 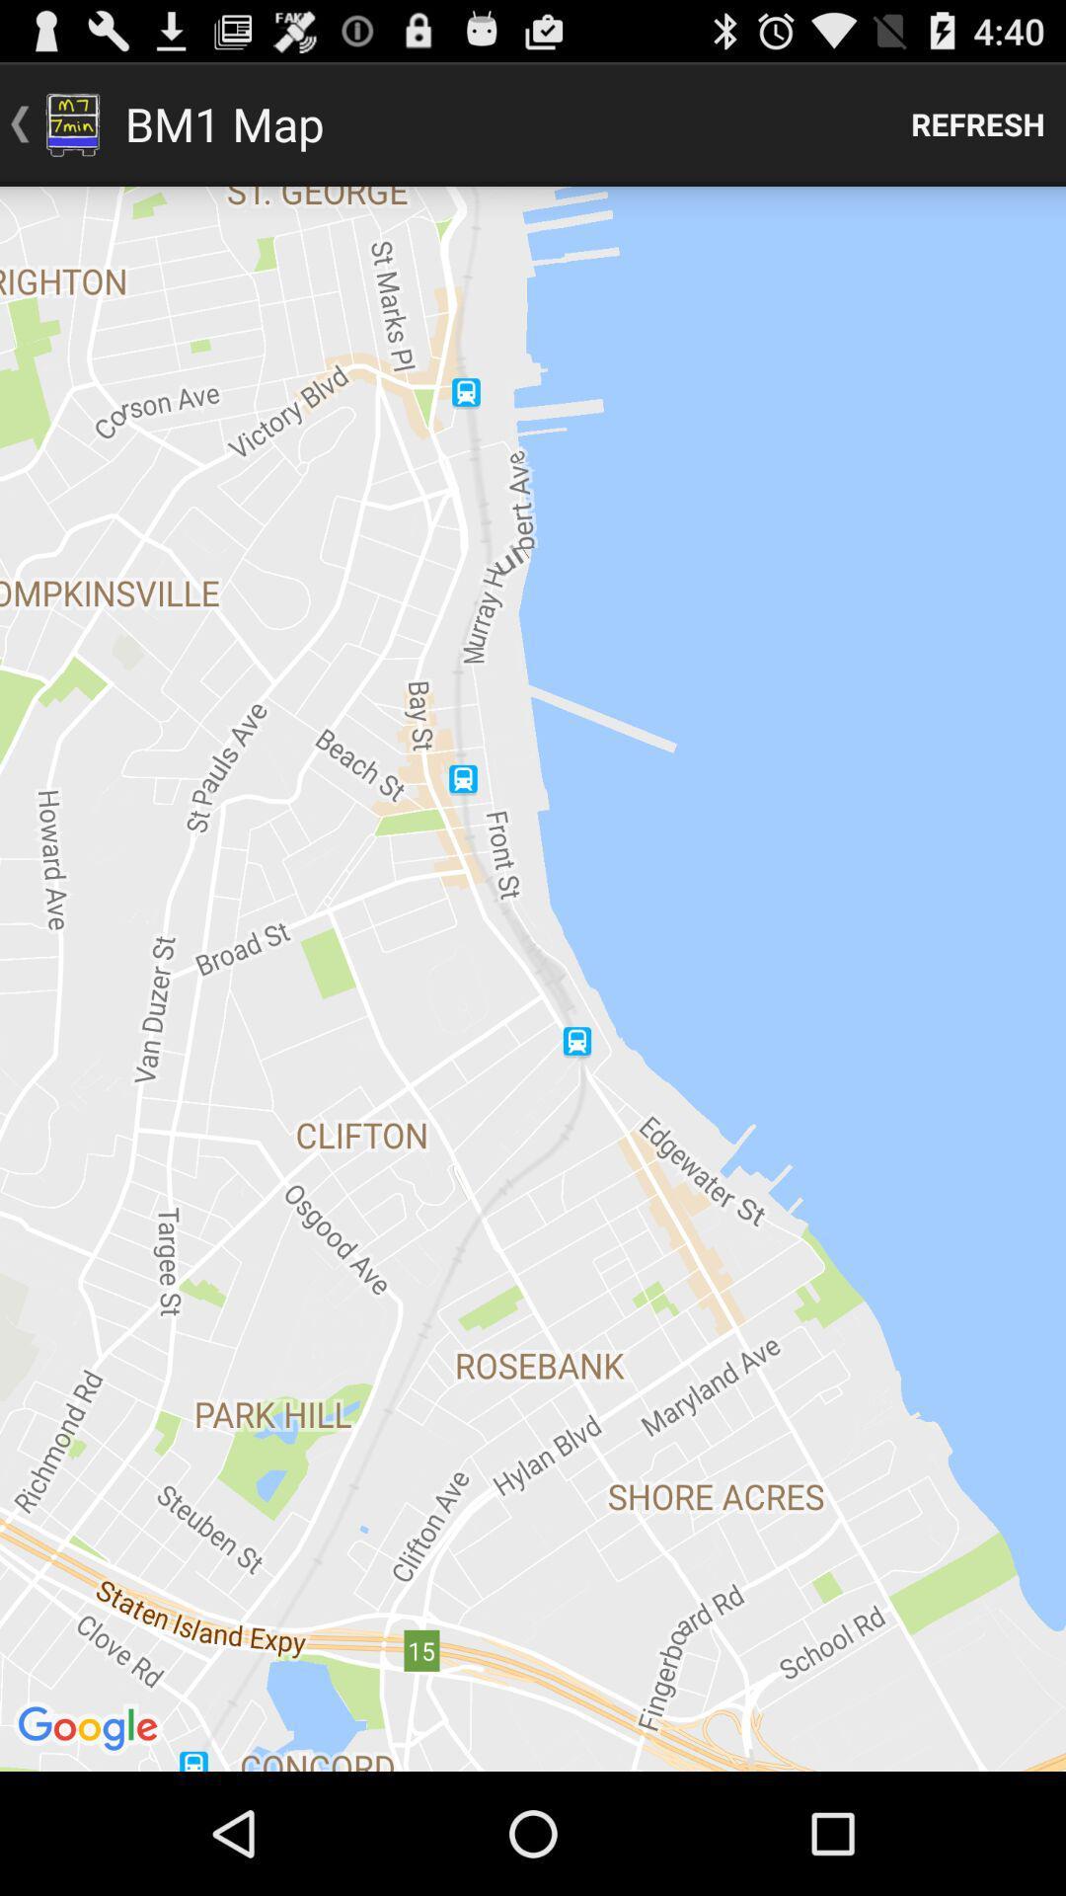 What do you see at coordinates (978, 122) in the screenshot?
I see `the item to the right of bm1 map item` at bounding box center [978, 122].